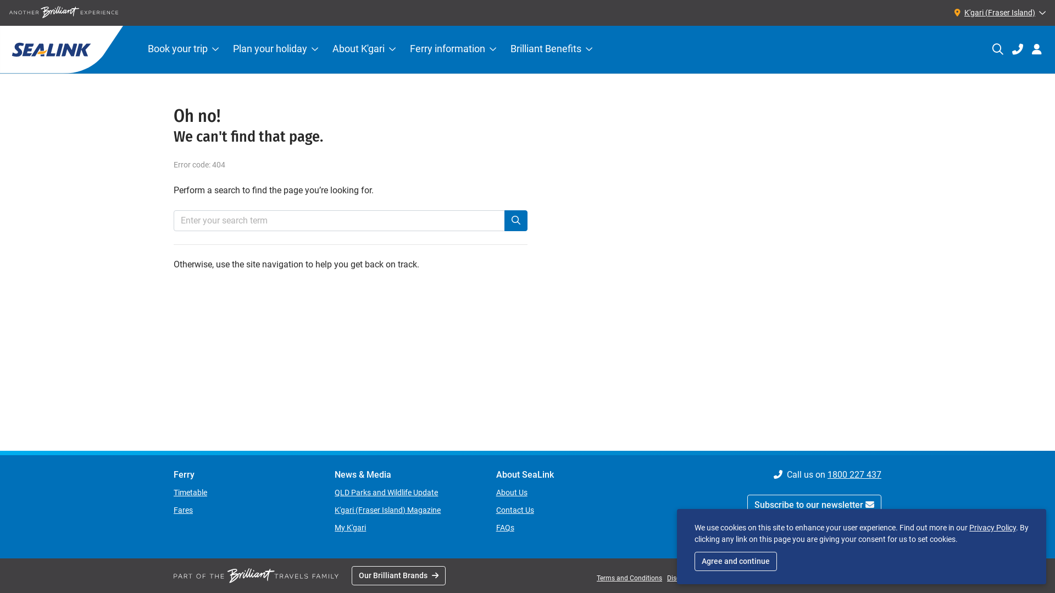 The height and width of the screenshot is (593, 1055). I want to click on 'Disclaimer', so click(682, 577).